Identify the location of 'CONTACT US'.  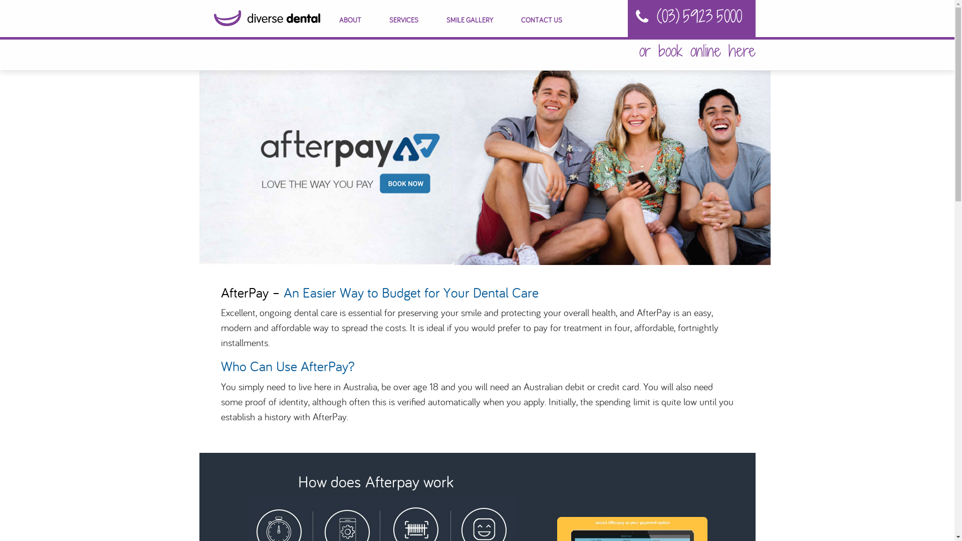
(541, 20).